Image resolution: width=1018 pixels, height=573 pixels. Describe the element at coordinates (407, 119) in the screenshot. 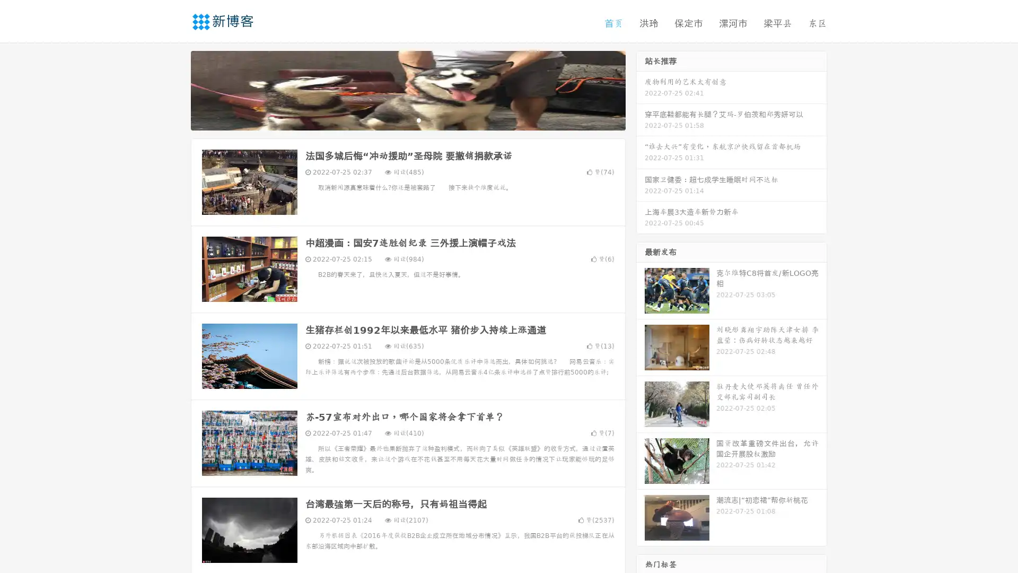

I see `Go to slide 2` at that location.